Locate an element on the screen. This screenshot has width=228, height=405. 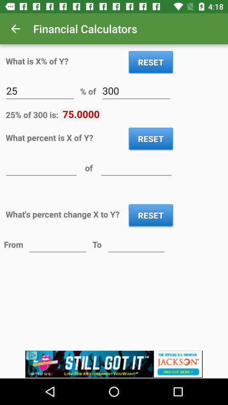
final value after the change is located at coordinates (136, 244).